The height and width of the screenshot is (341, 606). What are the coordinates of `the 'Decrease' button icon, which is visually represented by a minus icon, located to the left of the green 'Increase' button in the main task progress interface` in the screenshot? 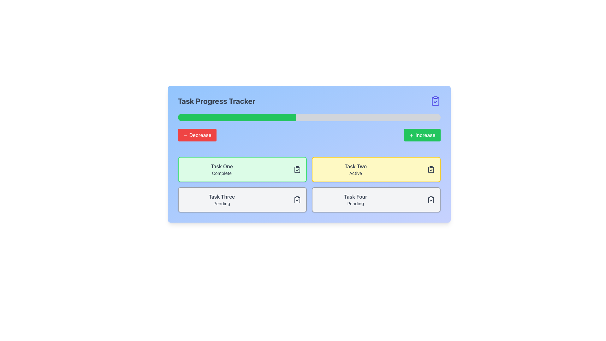 It's located at (185, 135).